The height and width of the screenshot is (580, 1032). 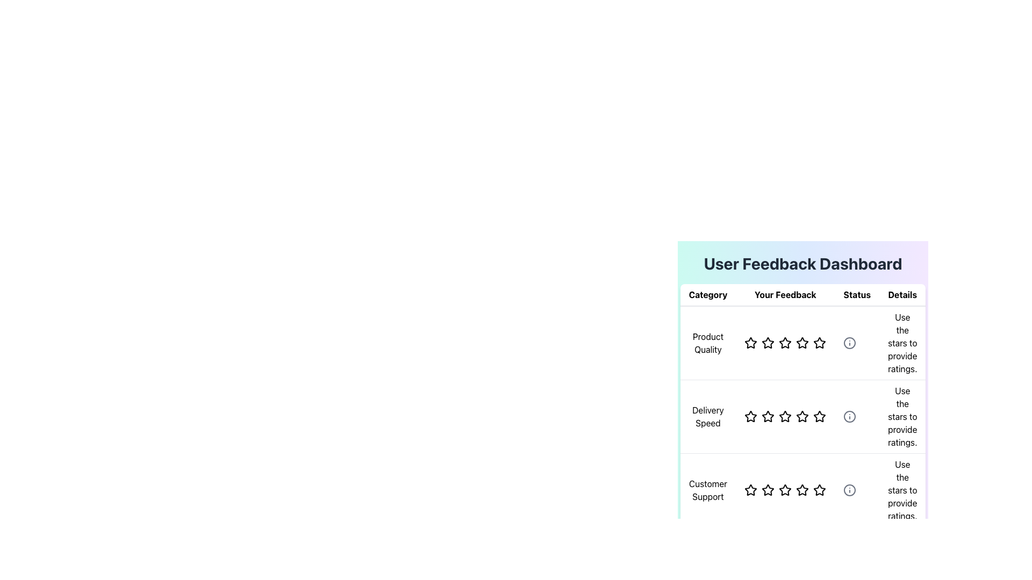 What do you see at coordinates (902, 343) in the screenshot?
I see `the static text element displaying 'Use the stars to provide ratings.' located in the 'Details' column of the user feedback dashboard, aligned with the 'Product Quality' row` at bounding box center [902, 343].